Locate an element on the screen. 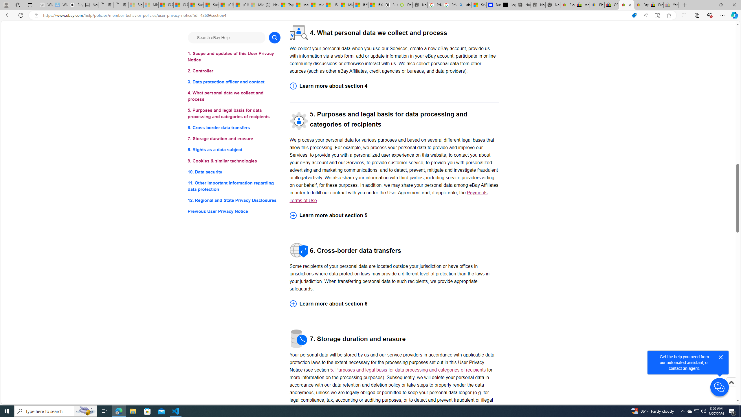 Image resolution: width=741 pixels, height=417 pixels. '10. Data security' is located at coordinates (234, 172).